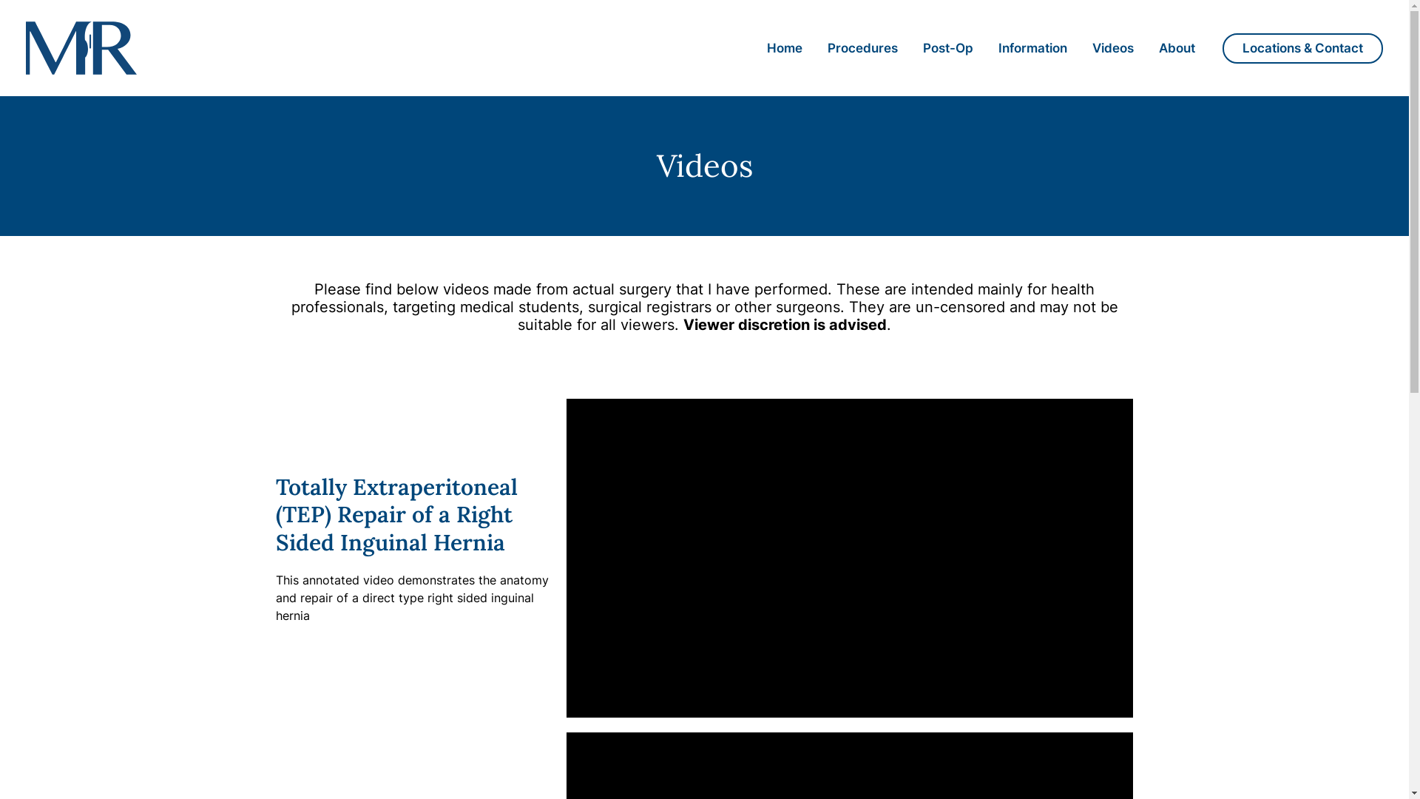 The height and width of the screenshot is (799, 1420). What do you see at coordinates (862, 47) in the screenshot?
I see `'Procedures'` at bounding box center [862, 47].